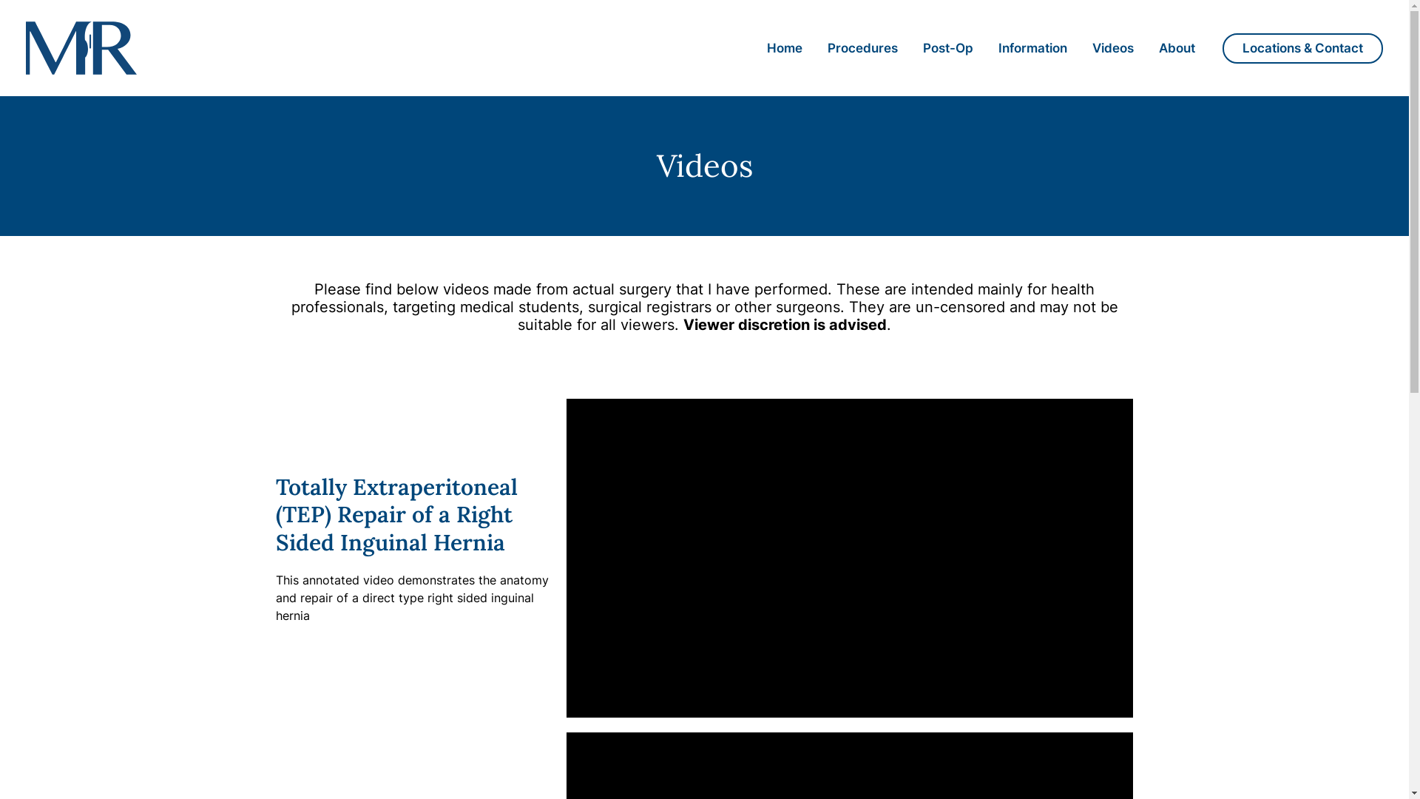 The height and width of the screenshot is (799, 1420). What do you see at coordinates (862, 47) in the screenshot?
I see `'Procedures'` at bounding box center [862, 47].